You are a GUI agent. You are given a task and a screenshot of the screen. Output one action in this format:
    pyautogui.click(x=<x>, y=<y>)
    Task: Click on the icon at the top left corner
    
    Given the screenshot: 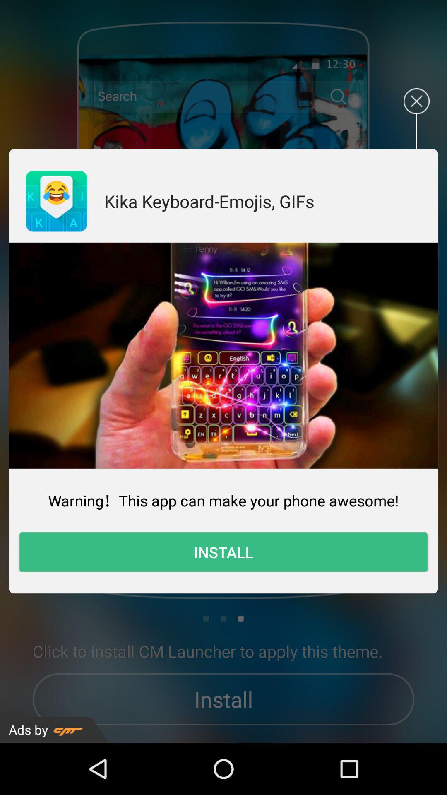 What is the action you would take?
    pyautogui.click(x=56, y=201)
    